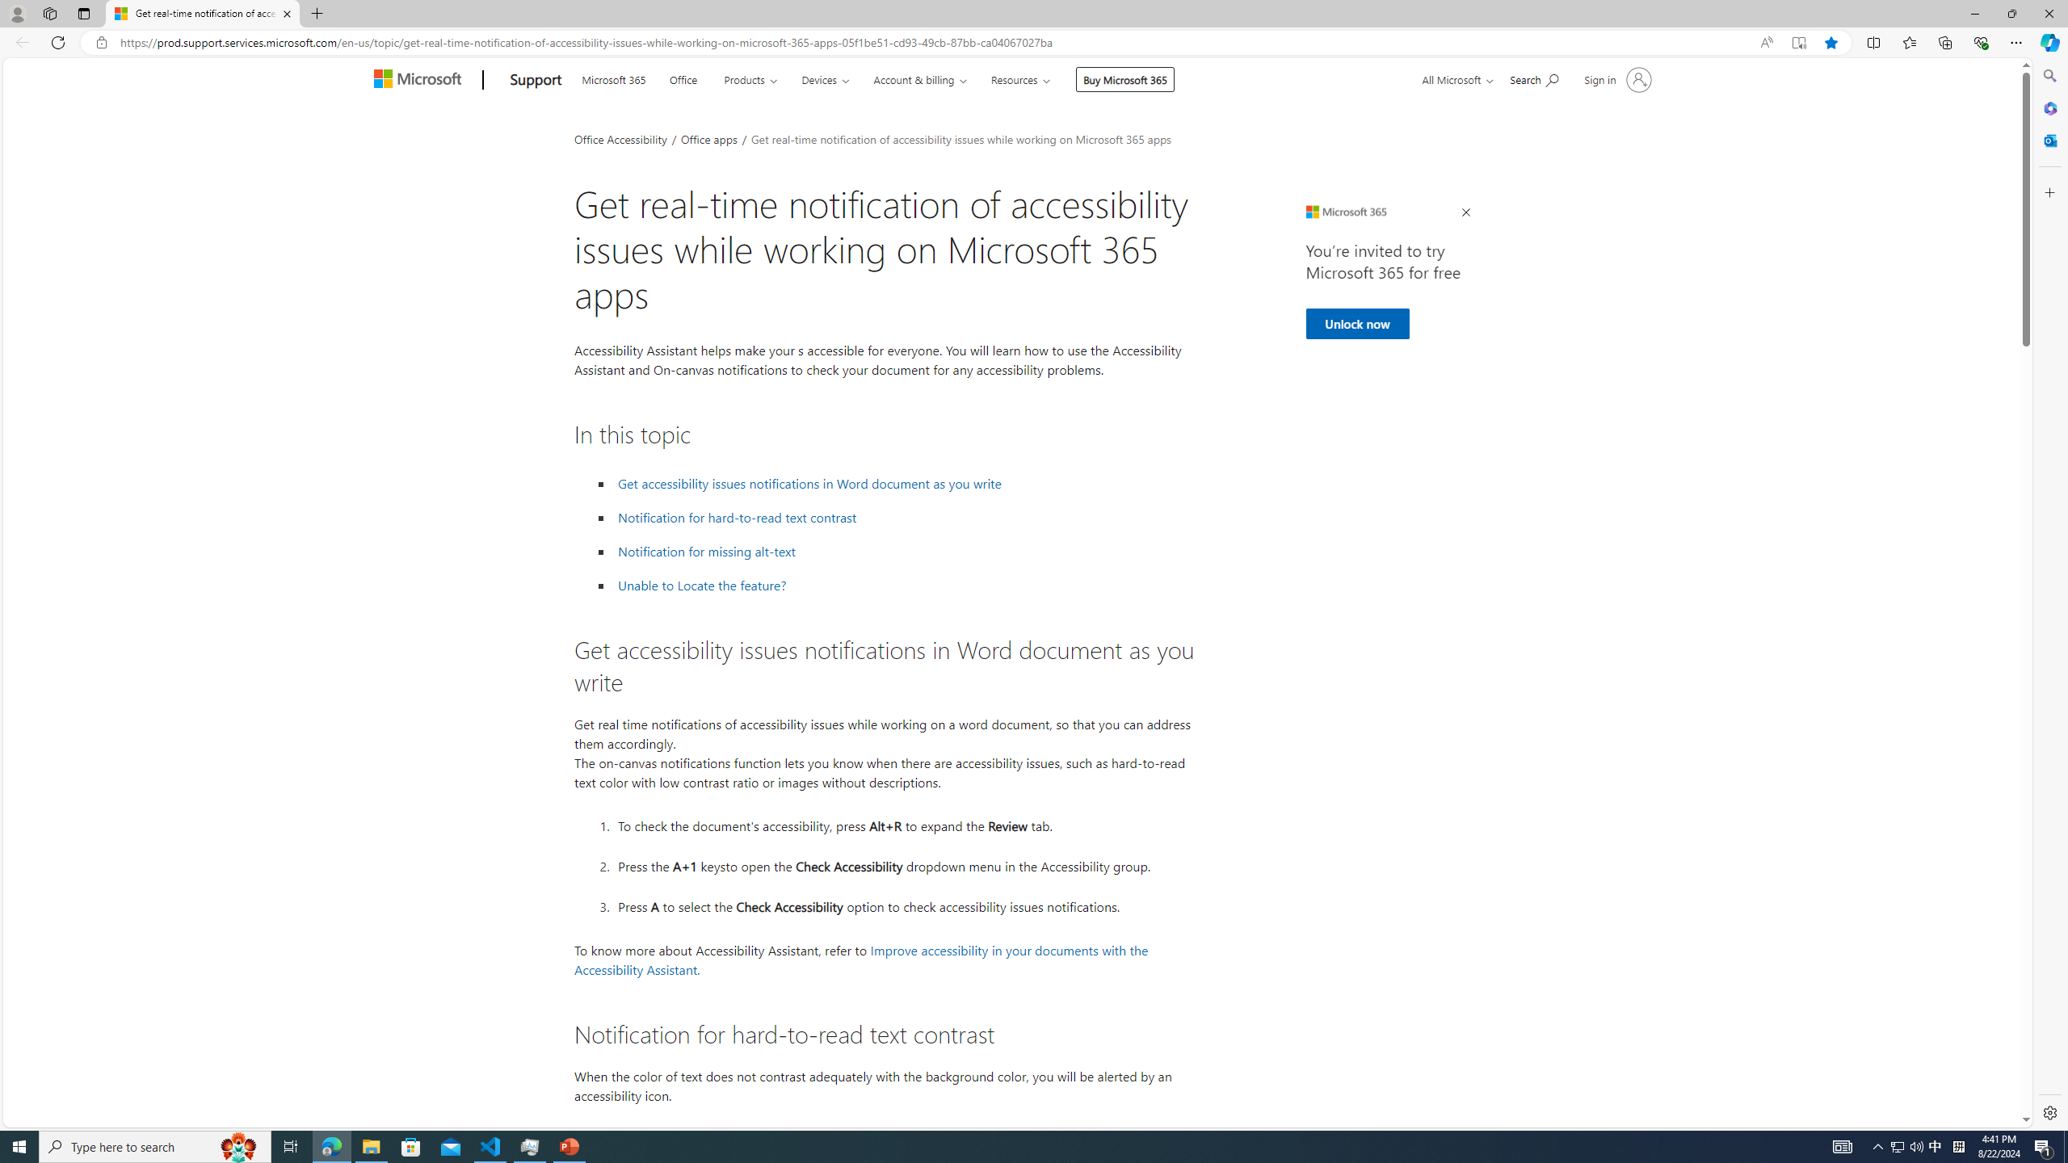 The width and height of the screenshot is (2068, 1163). I want to click on ' Unable to Locate the feature?', so click(701, 585).